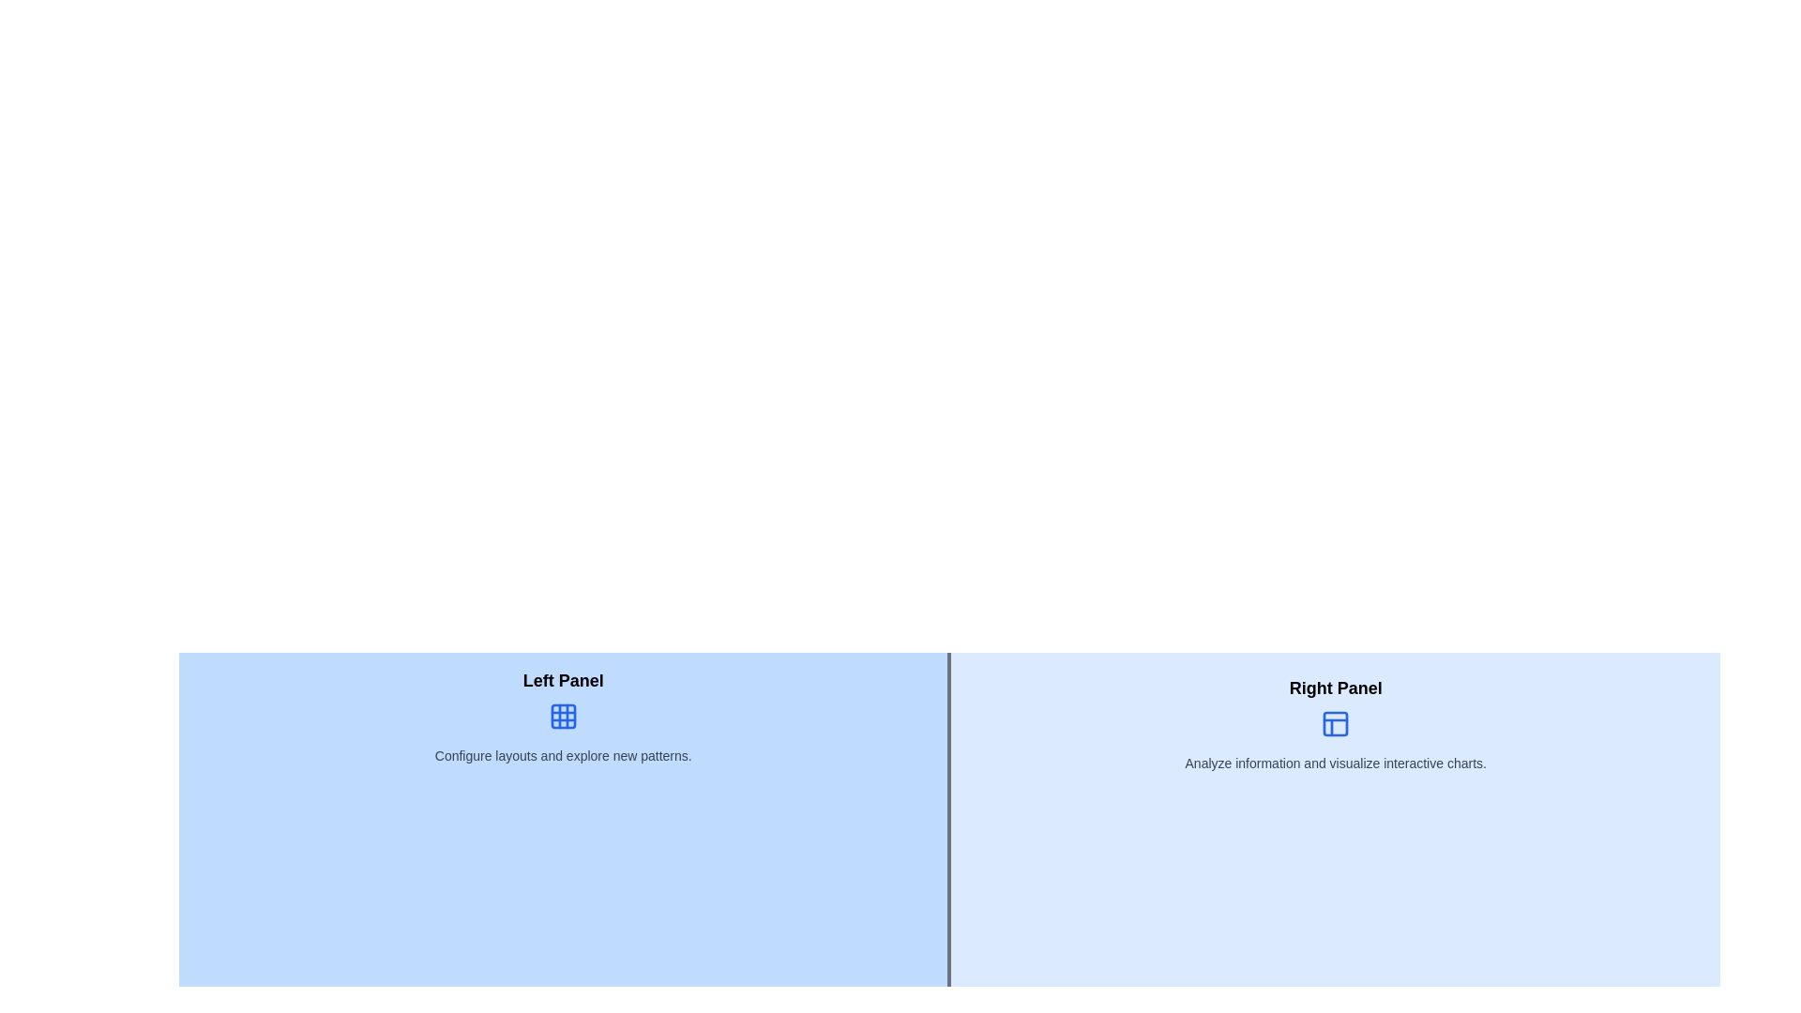 The width and height of the screenshot is (1801, 1013). What do you see at coordinates (562, 716) in the screenshot?
I see `the layout options button located in the left panel, directly below the 'Left Panel' title and above the 'Configure layouts and explore new patterns' text` at bounding box center [562, 716].